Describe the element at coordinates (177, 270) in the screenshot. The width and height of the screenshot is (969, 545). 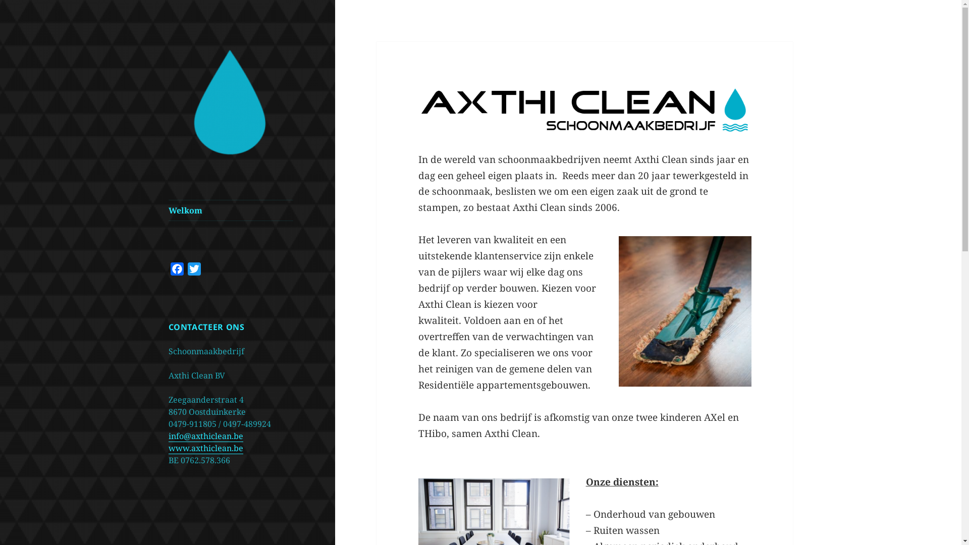
I see `'Facebook'` at that location.